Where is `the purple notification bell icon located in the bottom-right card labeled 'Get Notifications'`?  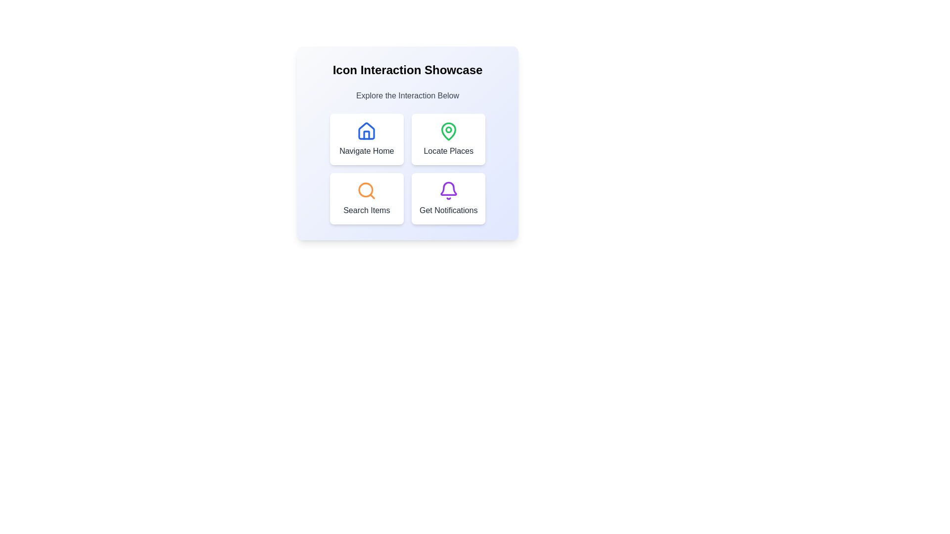
the purple notification bell icon located in the bottom-right card labeled 'Get Notifications' is located at coordinates (448, 188).